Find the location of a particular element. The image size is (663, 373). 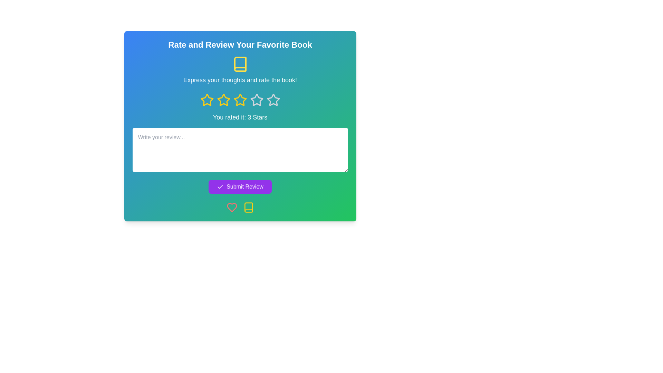

the heart symbol icon located at the bottom section of the interface is located at coordinates (232, 207).